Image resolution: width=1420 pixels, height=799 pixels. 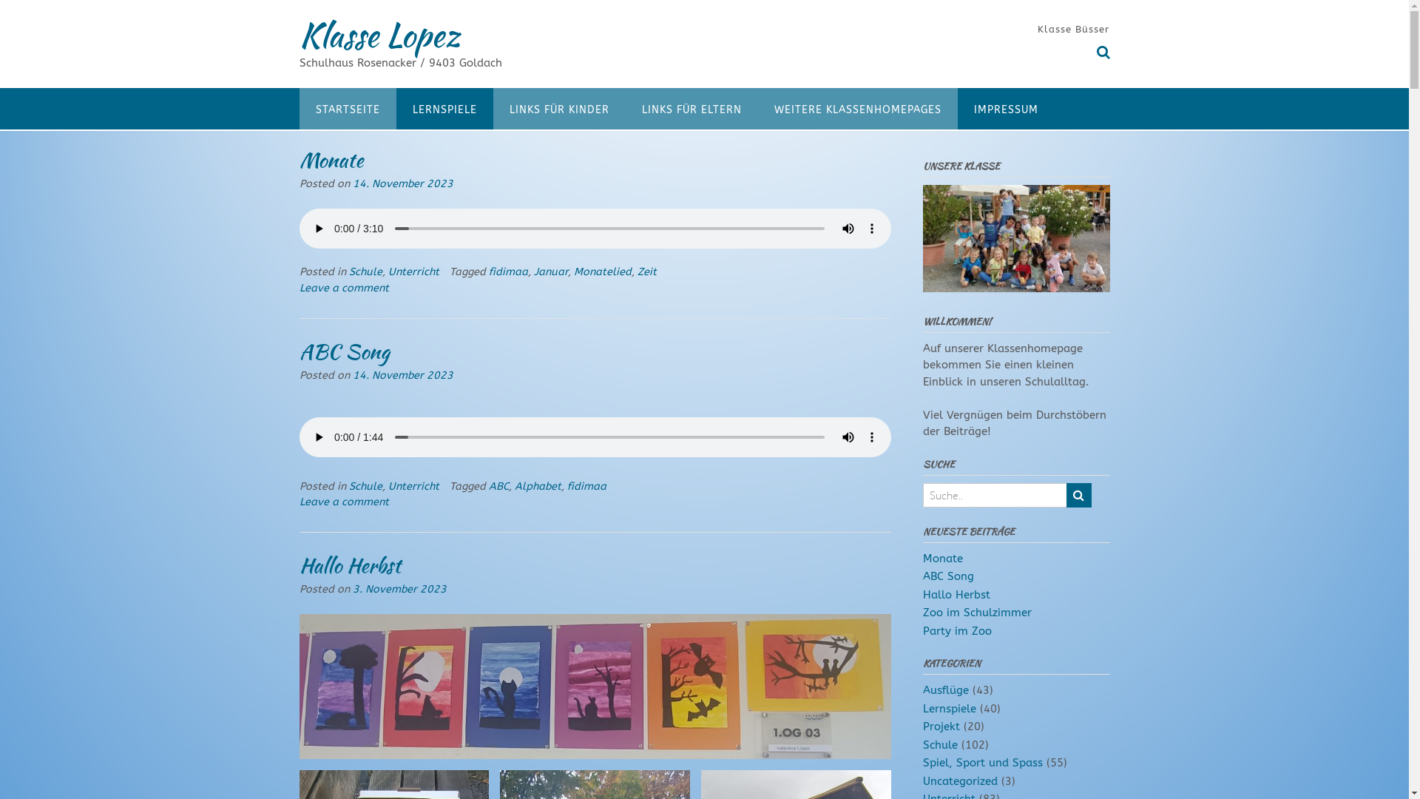 I want to click on 'Leave a comment', so click(x=342, y=288).